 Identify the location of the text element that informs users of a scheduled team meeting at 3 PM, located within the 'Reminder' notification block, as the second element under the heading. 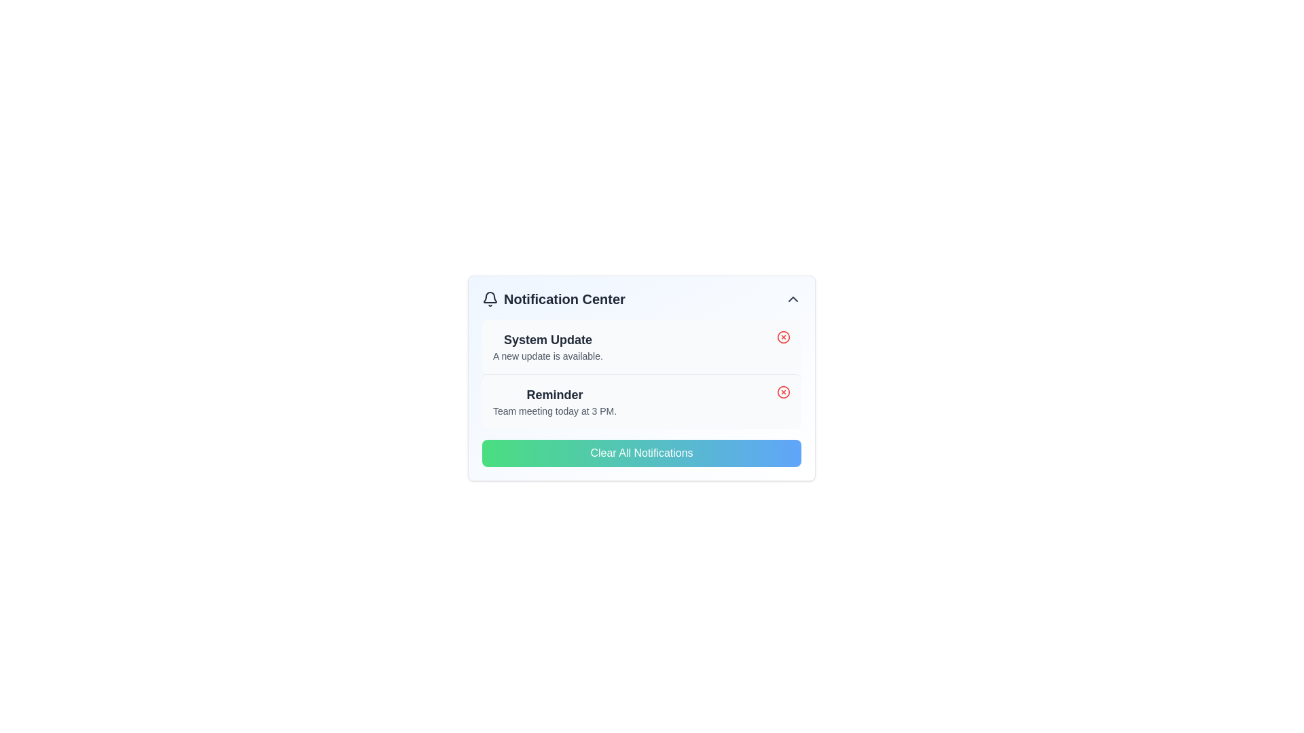
(554, 410).